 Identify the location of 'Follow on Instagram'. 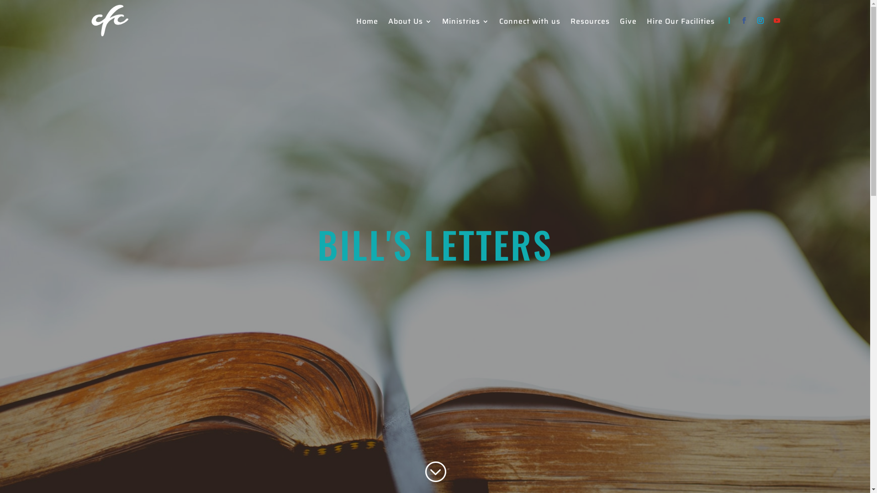
(760, 21).